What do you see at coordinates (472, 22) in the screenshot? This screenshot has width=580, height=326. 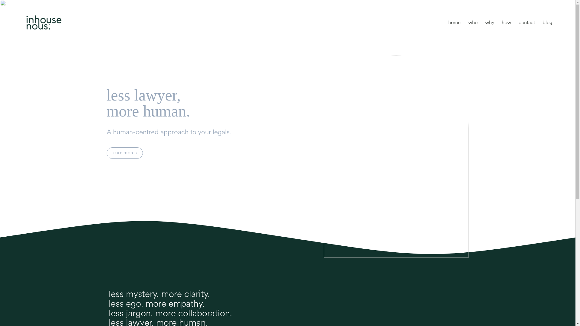 I see `'who'` at bounding box center [472, 22].